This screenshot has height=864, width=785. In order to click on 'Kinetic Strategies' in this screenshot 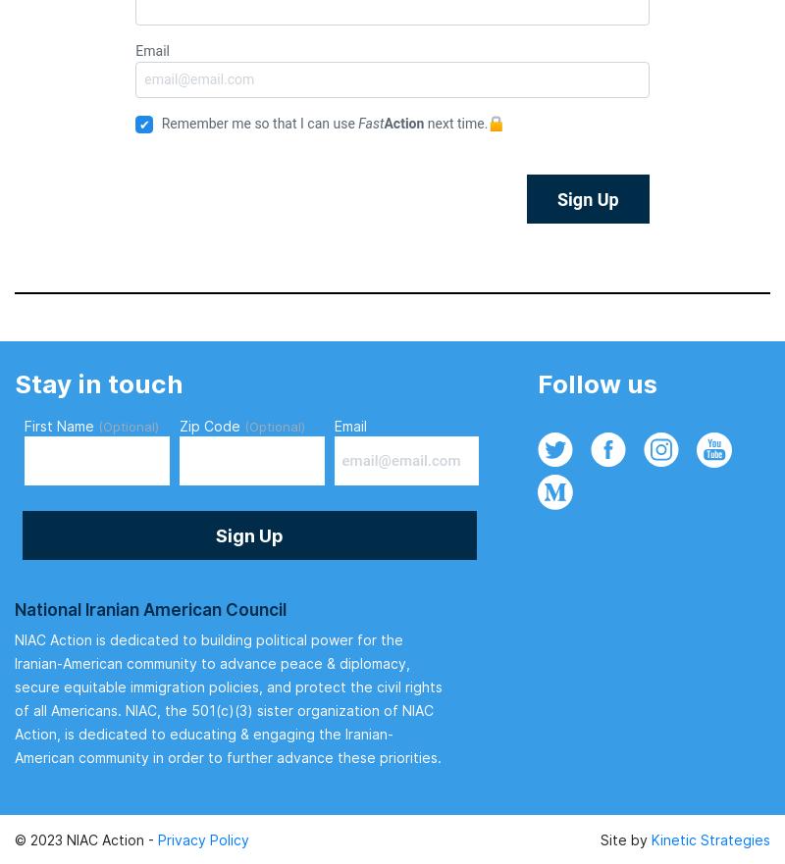, I will do `click(651, 839)`.